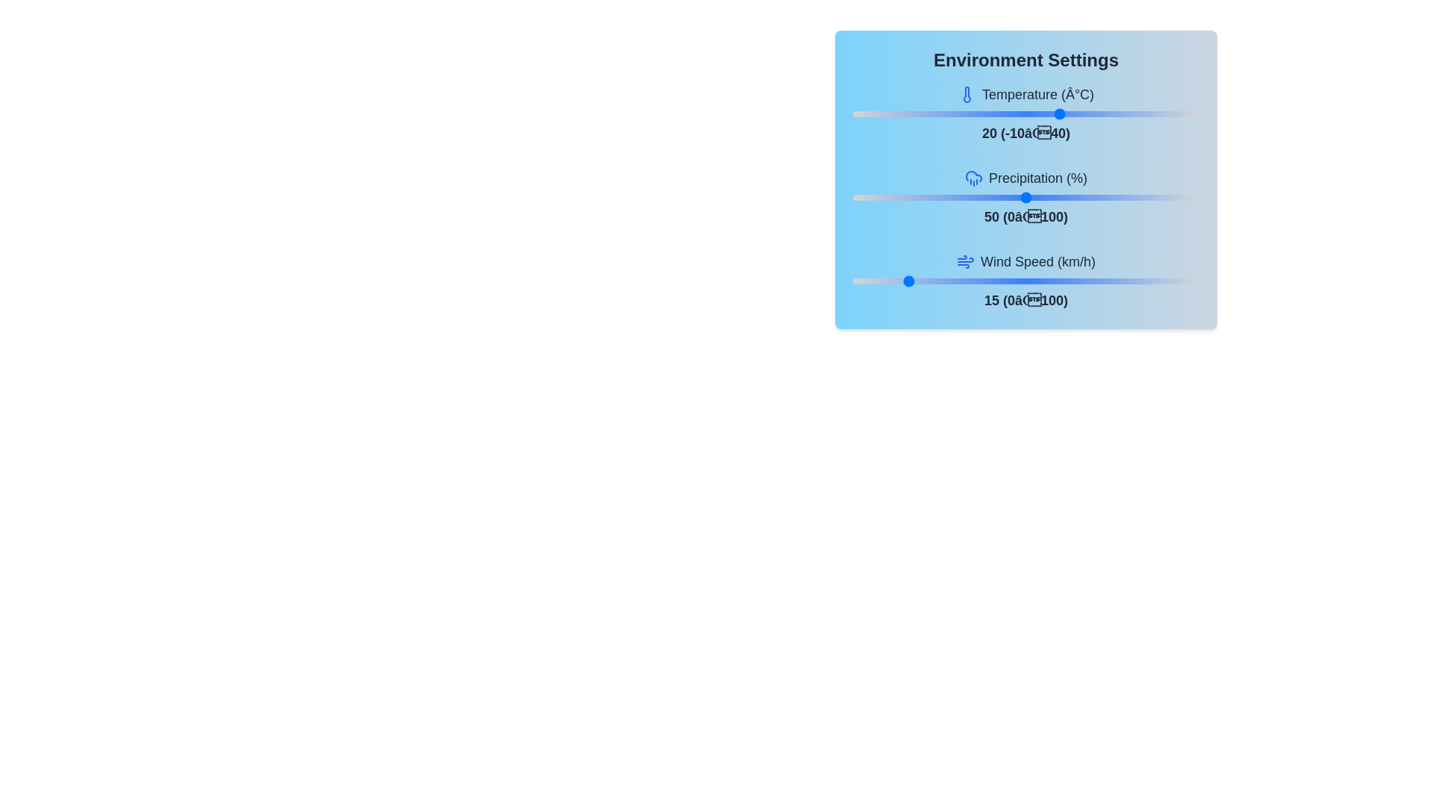  Describe the element at coordinates (894, 113) in the screenshot. I see `the temperature` at that location.